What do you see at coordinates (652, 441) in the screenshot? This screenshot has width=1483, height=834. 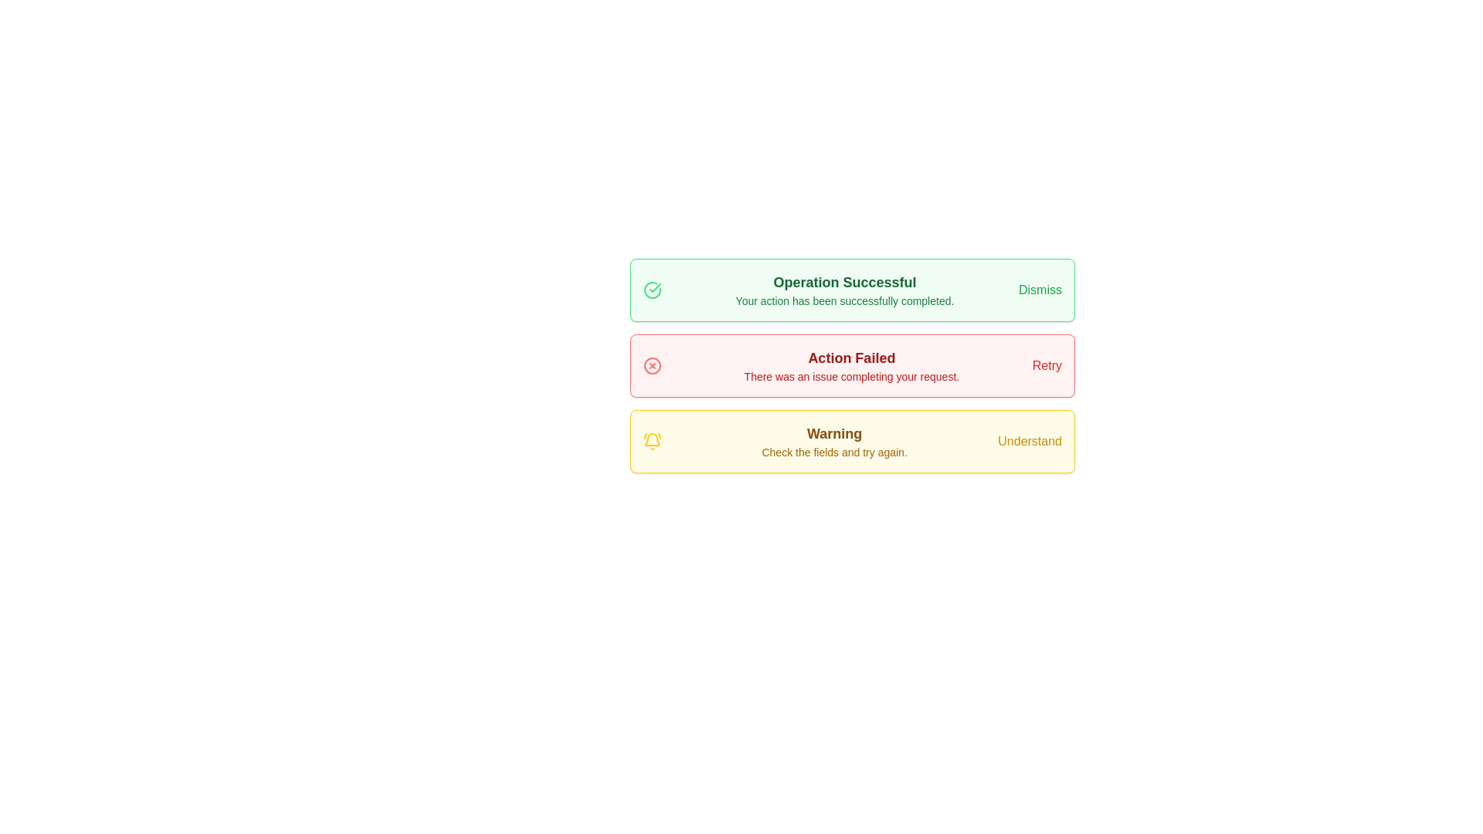 I see `the warning icon located in the leftmost part of the bottom yellow warning section, just before the text 'Warning Check the fields and try again.'` at bounding box center [652, 441].